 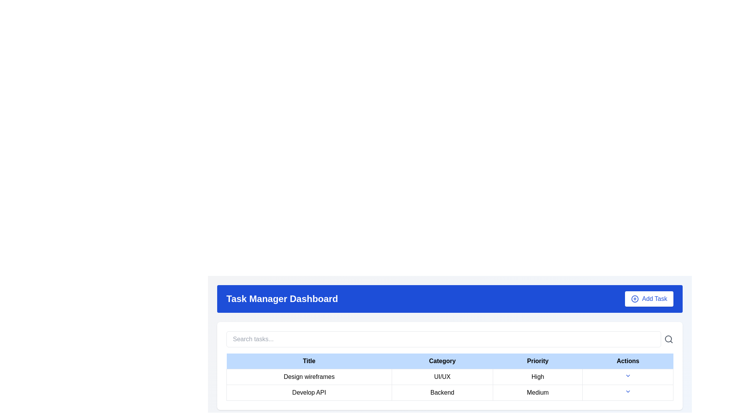 I want to click on the Table Header Cell labeled 'Title', which is styled prominently with a light blue background and bold text, so click(x=309, y=361).